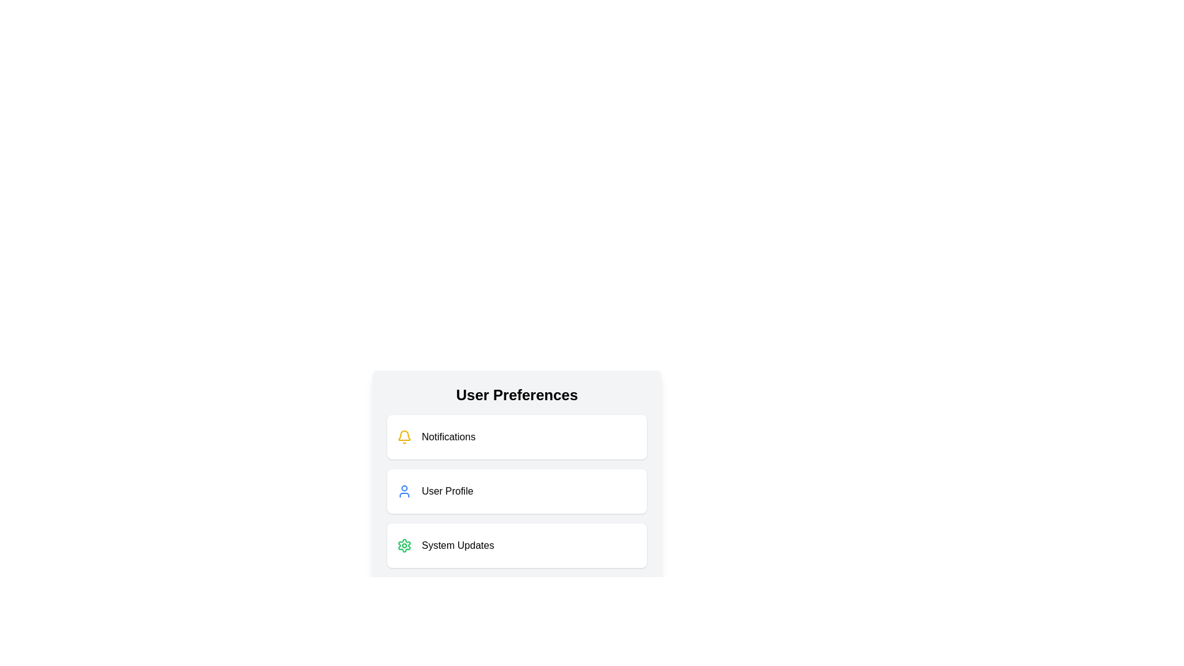 The width and height of the screenshot is (1184, 666). What do you see at coordinates (517, 437) in the screenshot?
I see `the 'Notifications' preference to toggle its state` at bounding box center [517, 437].